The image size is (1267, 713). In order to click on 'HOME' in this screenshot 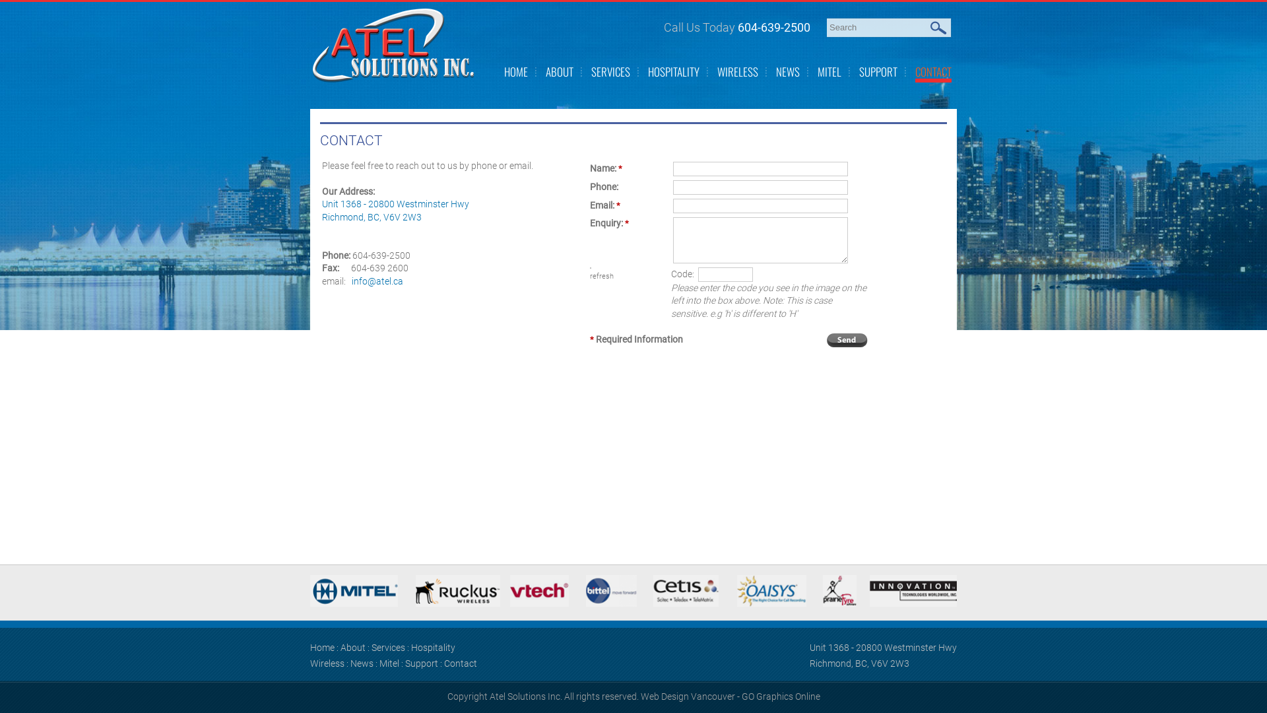, I will do `click(515, 71)`.